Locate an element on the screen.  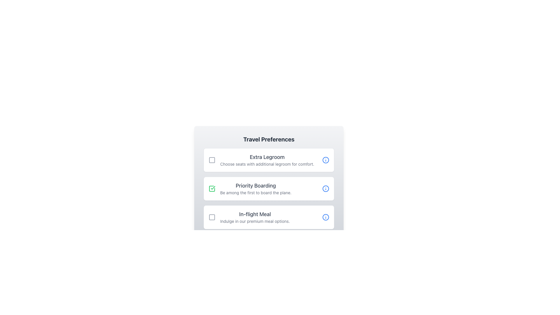
the Informational Icon located to the right side of the 'Extra Legroom' title is located at coordinates (325, 160).